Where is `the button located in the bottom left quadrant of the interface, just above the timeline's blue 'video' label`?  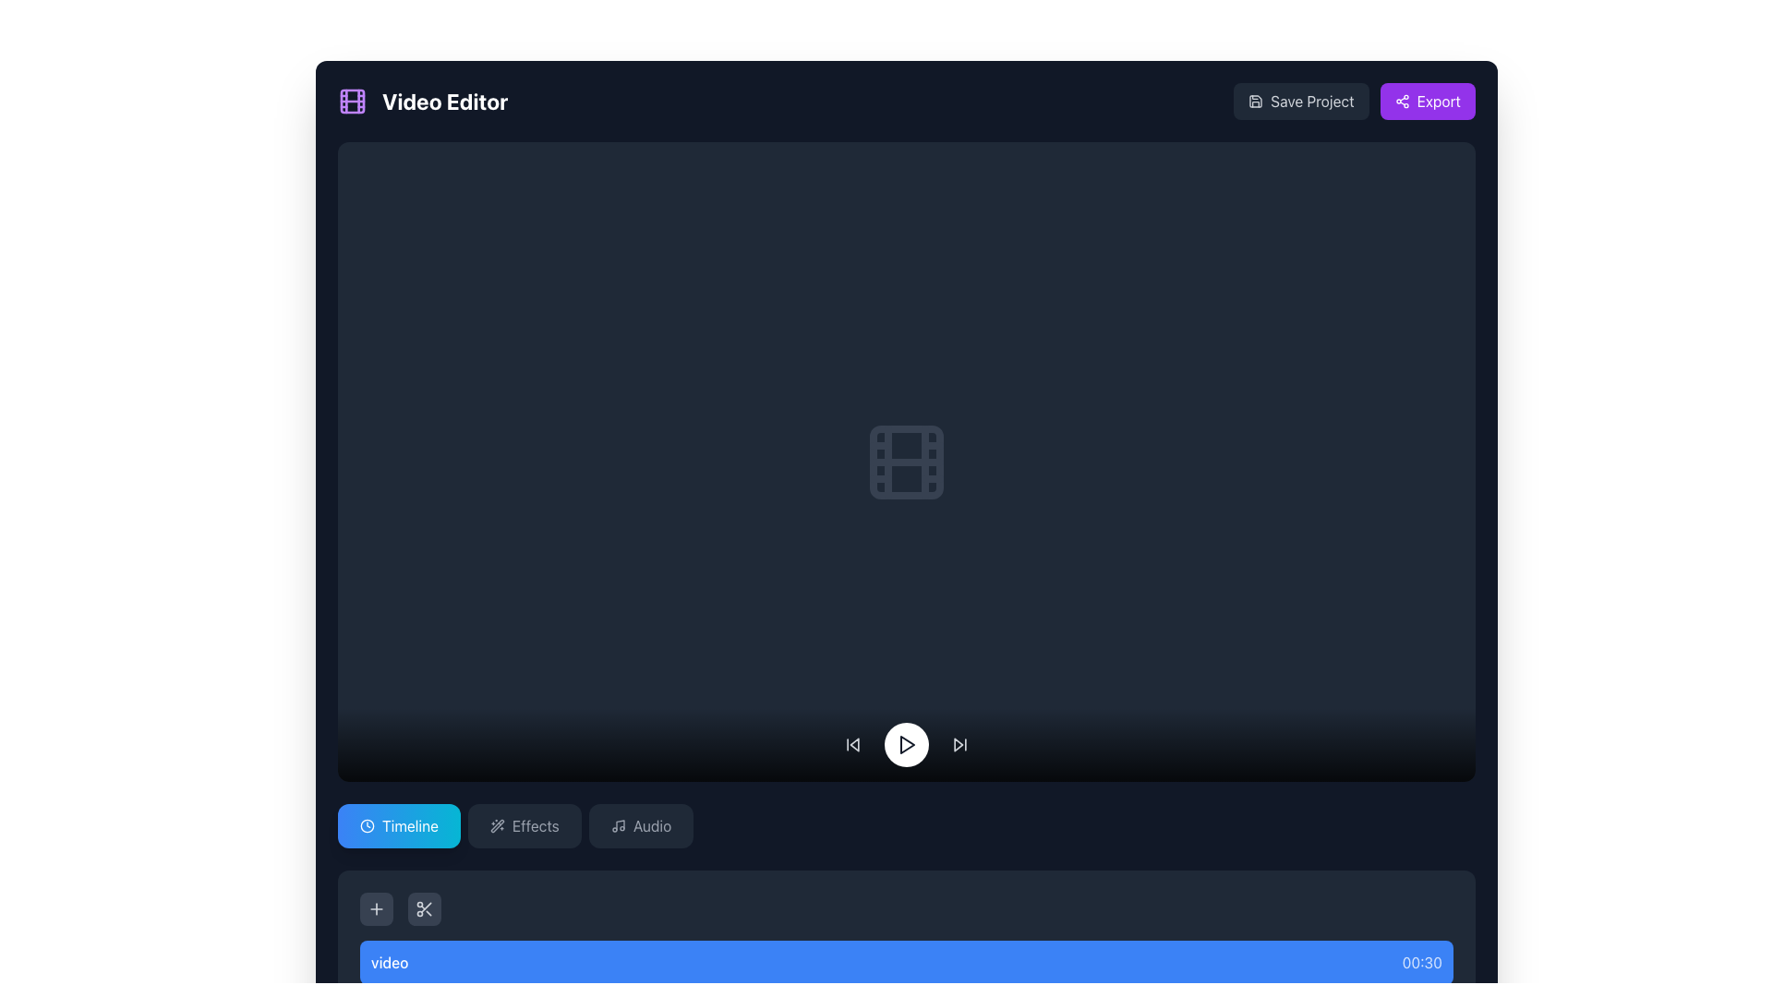 the button located in the bottom left quadrant of the interface, just above the timeline's blue 'video' label is located at coordinates (376, 907).